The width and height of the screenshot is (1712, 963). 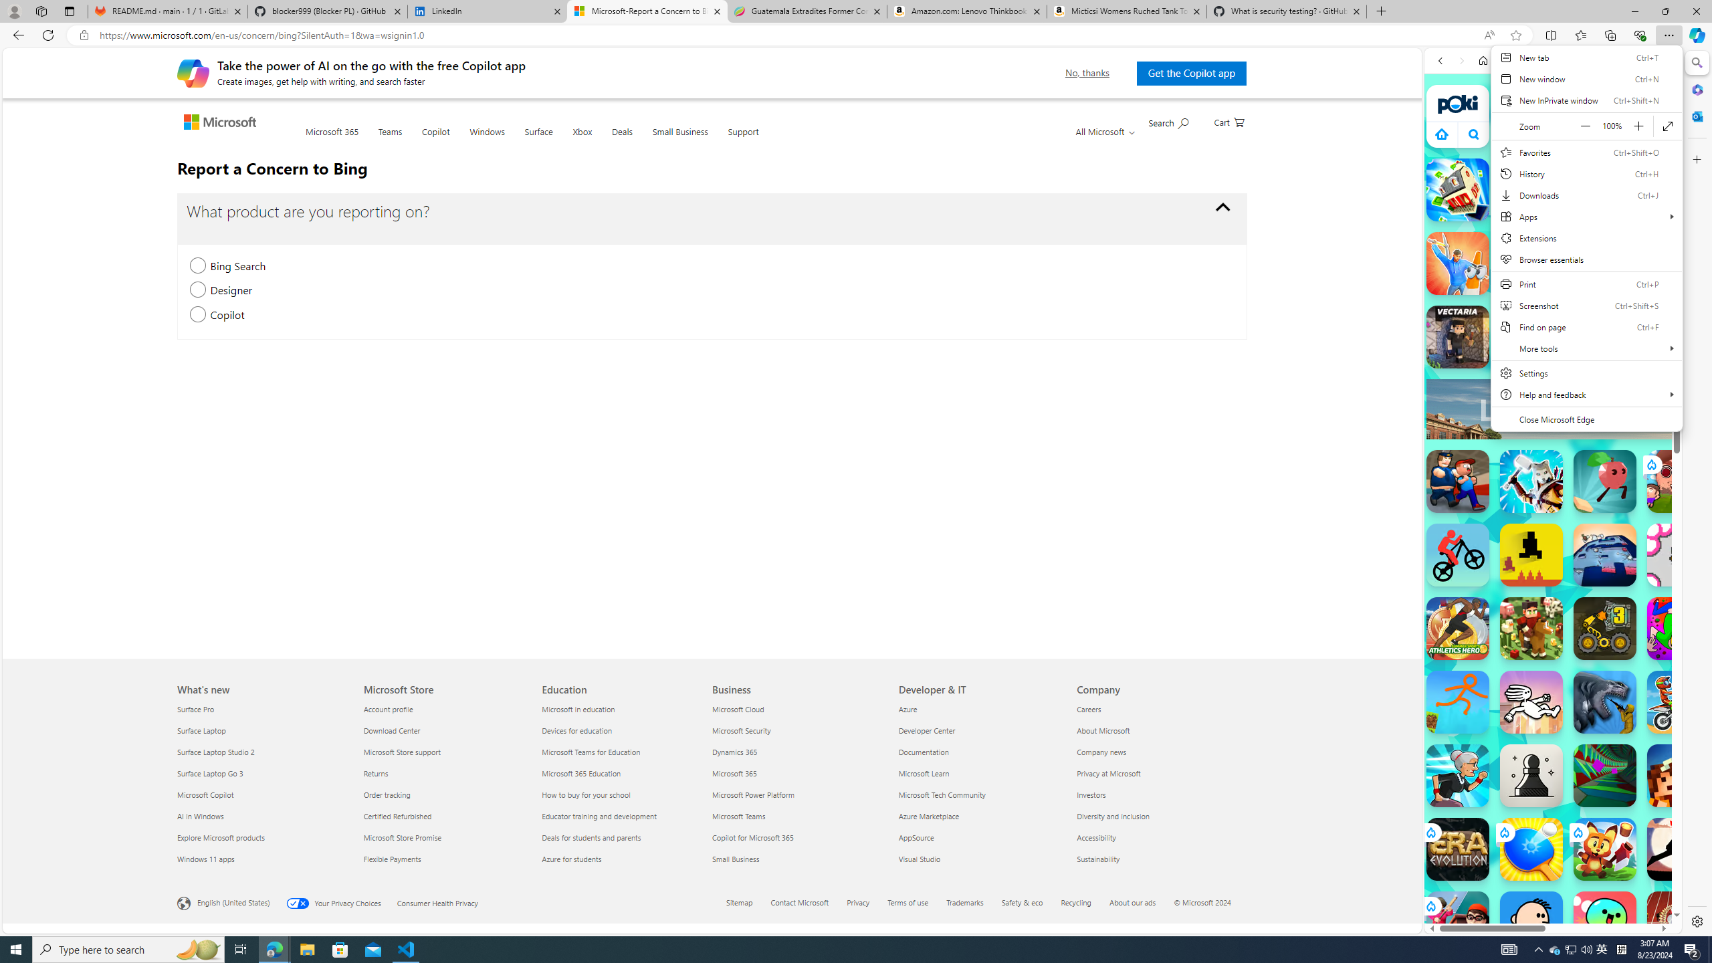 I want to click on 'Dynamics 365 Business', so click(x=734, y=750).